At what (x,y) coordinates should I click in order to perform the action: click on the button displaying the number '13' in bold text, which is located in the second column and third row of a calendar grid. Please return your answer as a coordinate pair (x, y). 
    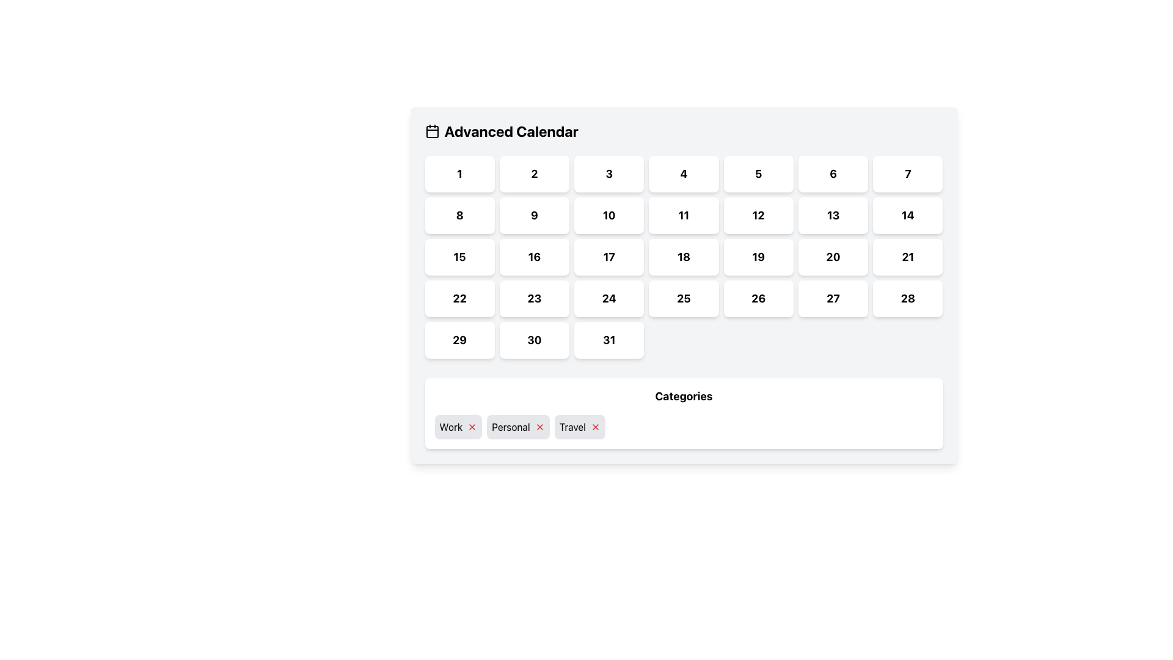
    Looking at the image, I should click on (832, 215).